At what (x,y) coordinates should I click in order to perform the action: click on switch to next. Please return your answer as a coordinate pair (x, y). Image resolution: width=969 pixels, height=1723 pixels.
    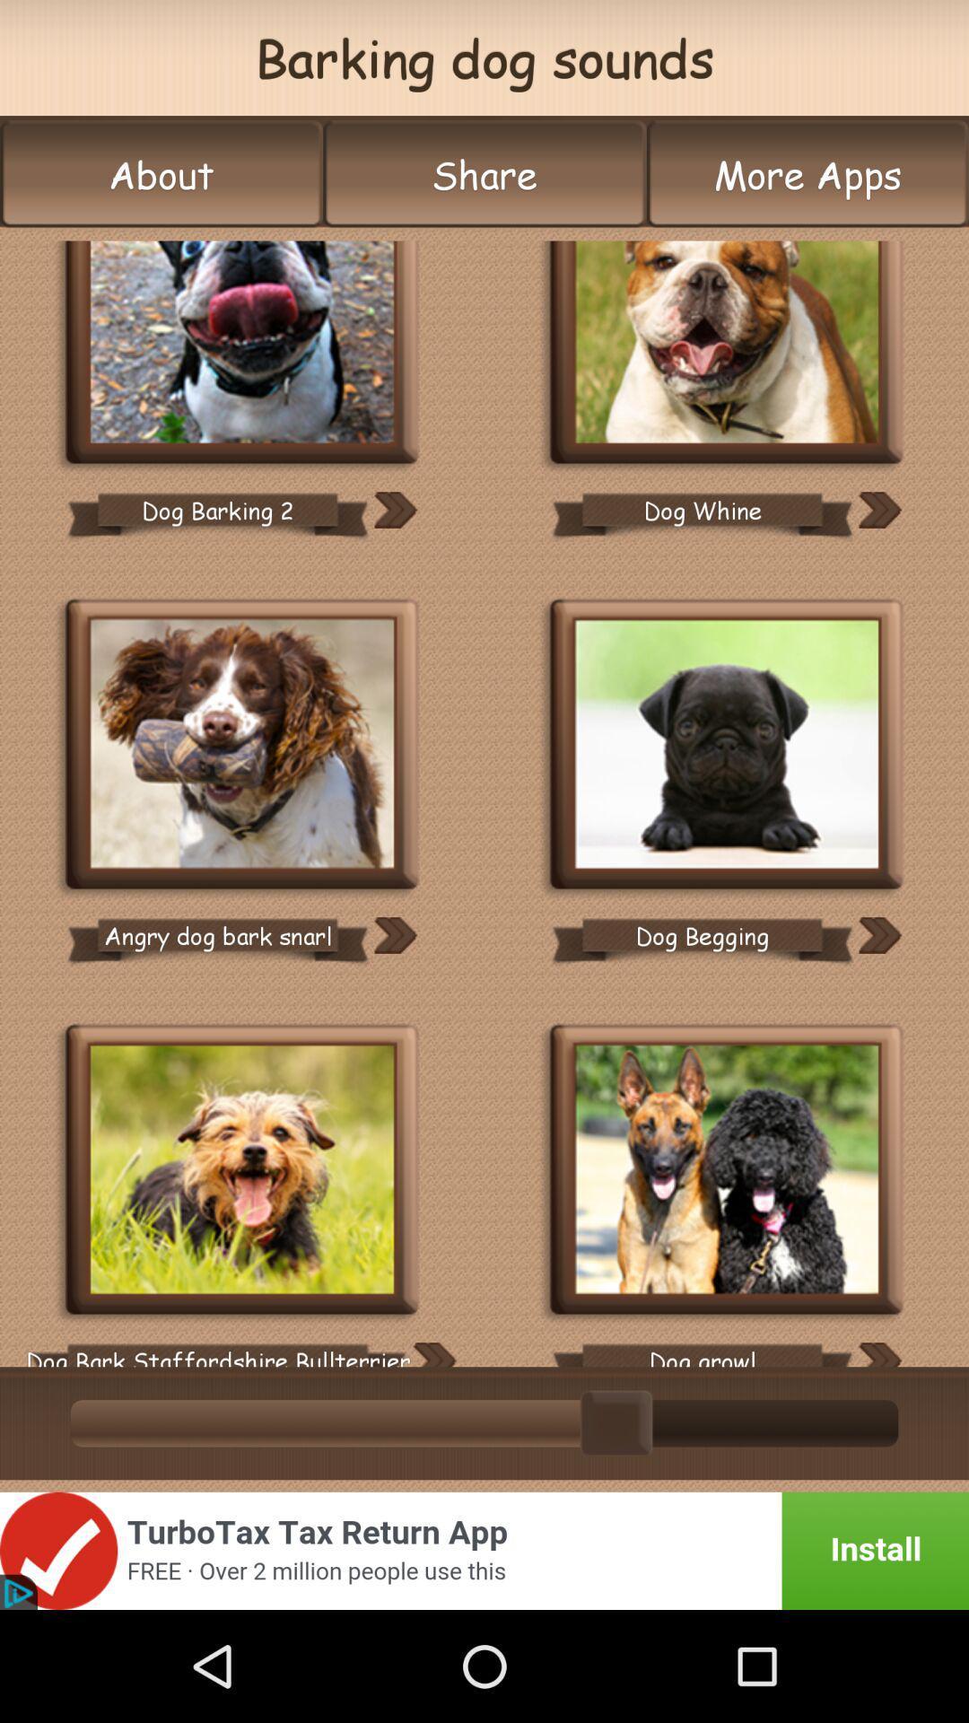
    Looking at the image, I should click on (878, 509).